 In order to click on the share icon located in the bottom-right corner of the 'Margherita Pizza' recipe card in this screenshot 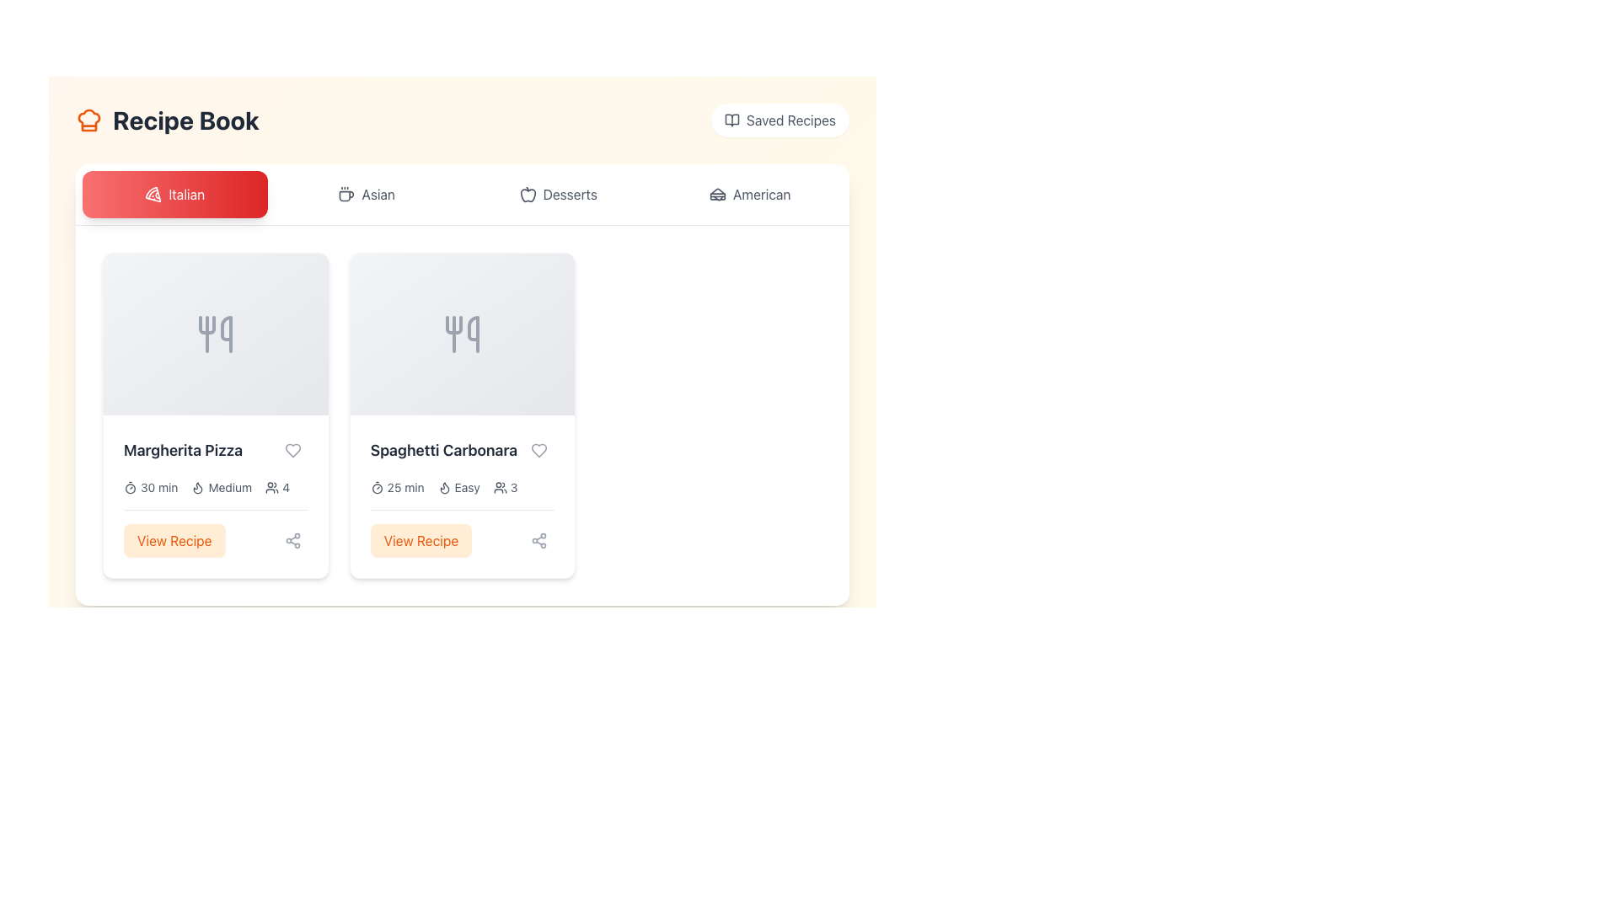, I will do `click(292, 540)`.